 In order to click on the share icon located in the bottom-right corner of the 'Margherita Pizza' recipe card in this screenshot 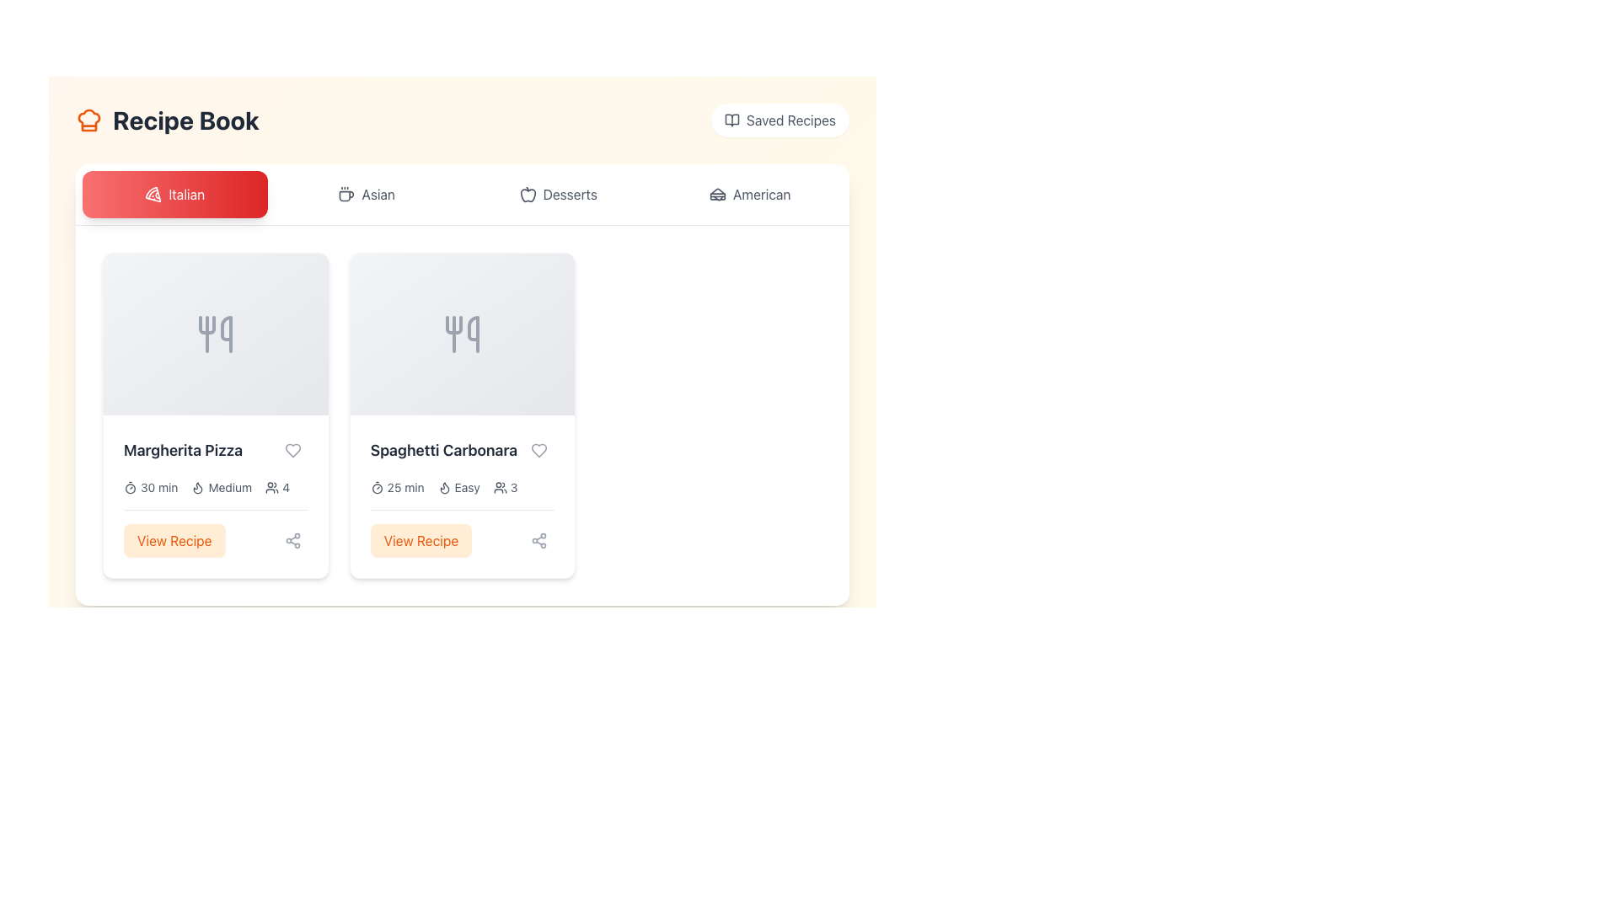, I will do `click(292, 540)`.